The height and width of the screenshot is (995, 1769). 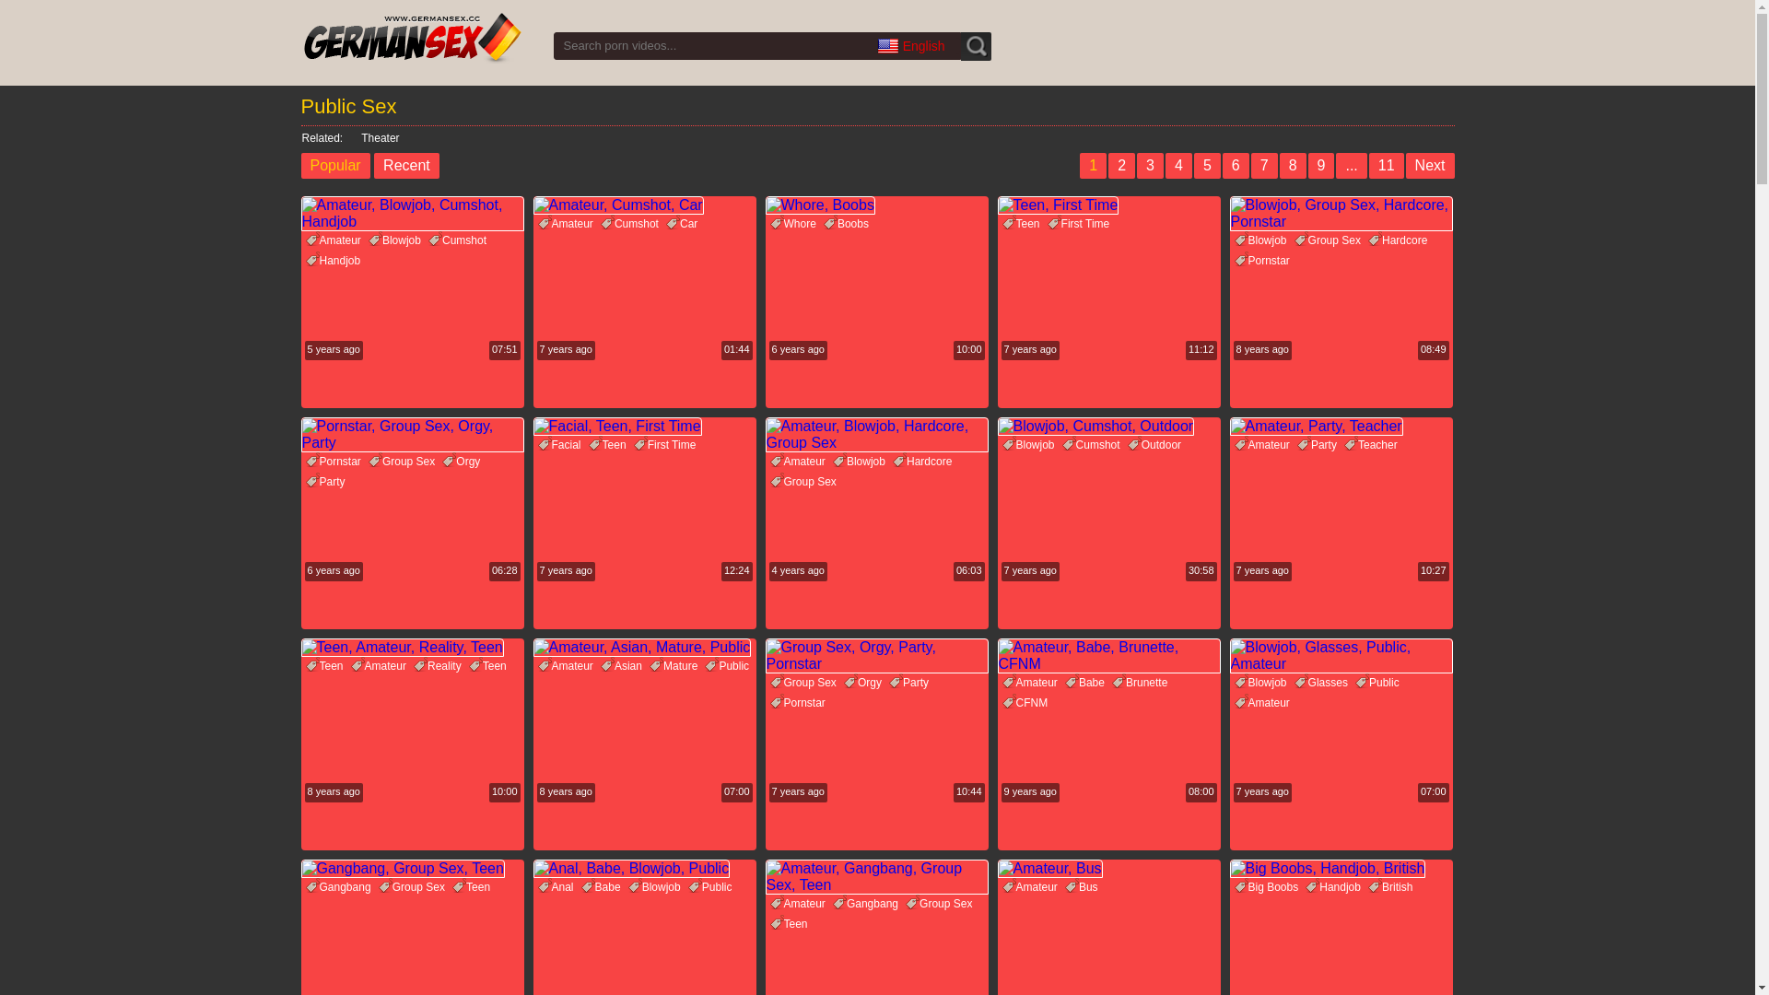 What do you see at coordinates (632, 223) in the screenshot?
I see `'Cumshot'` at bounding box center [632, 223].